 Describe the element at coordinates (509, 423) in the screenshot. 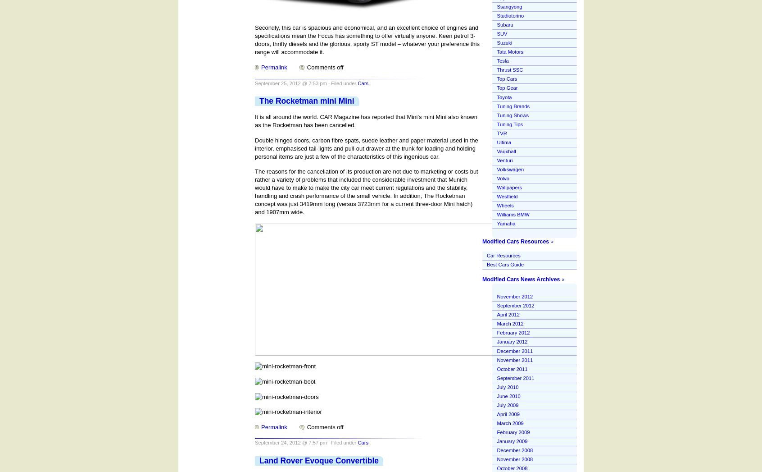

I see `'March 2009'` at that location.